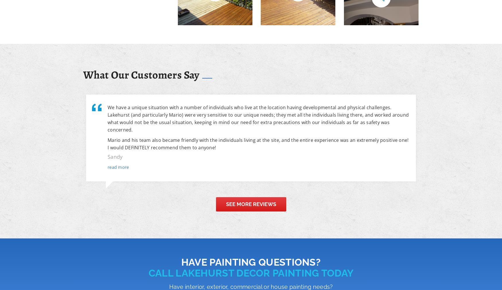  I want to click on 'Have Painting Questions?', so click(251, 262).